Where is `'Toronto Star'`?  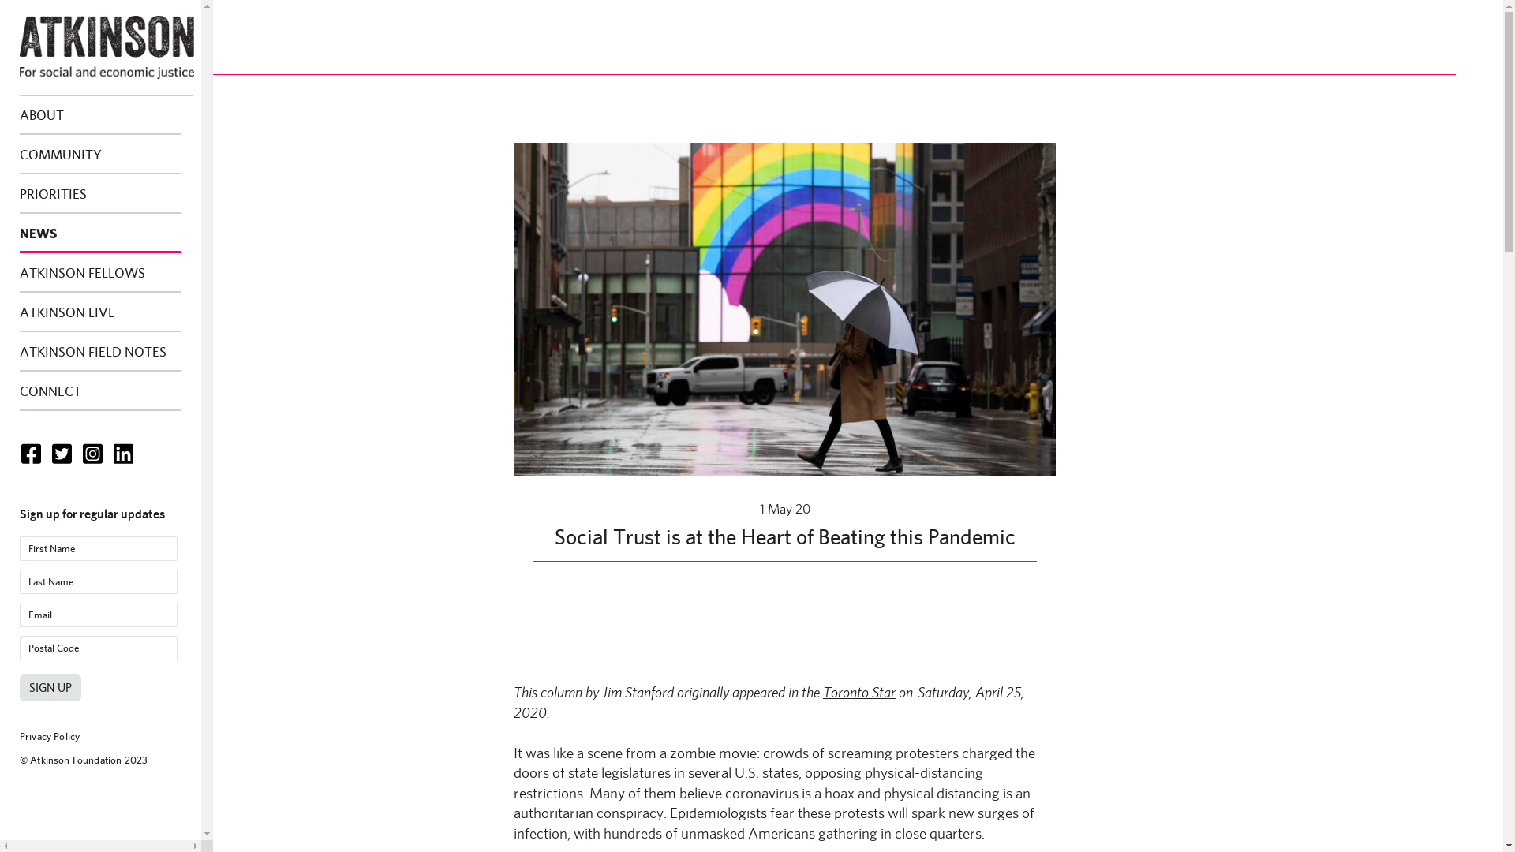
'Toronto Star' is located at coordinates (858, 690).